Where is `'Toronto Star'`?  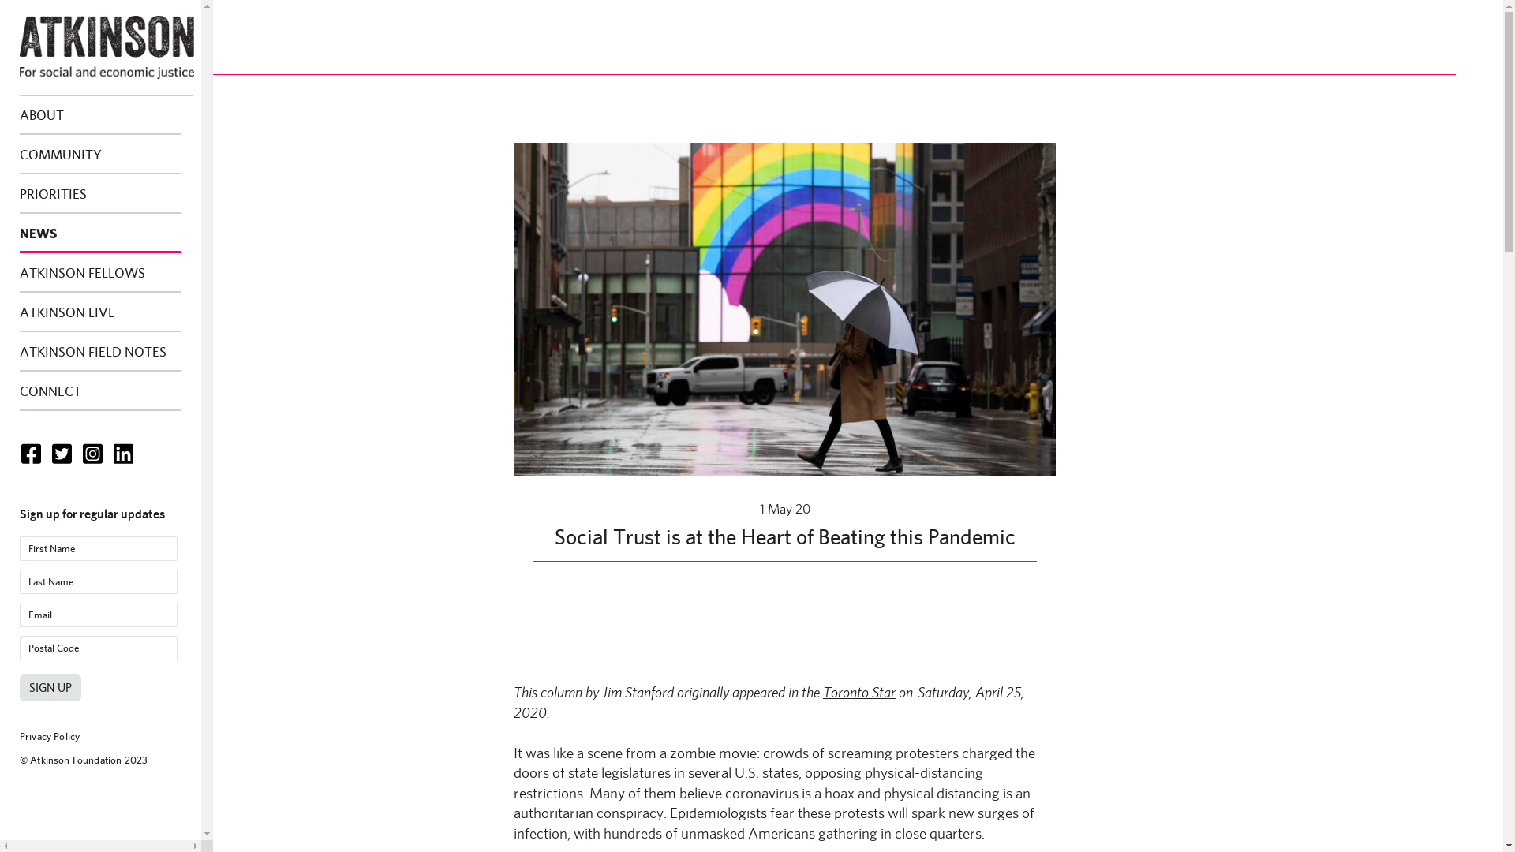
'Toronto Star' is located at coordinates (858, 690).